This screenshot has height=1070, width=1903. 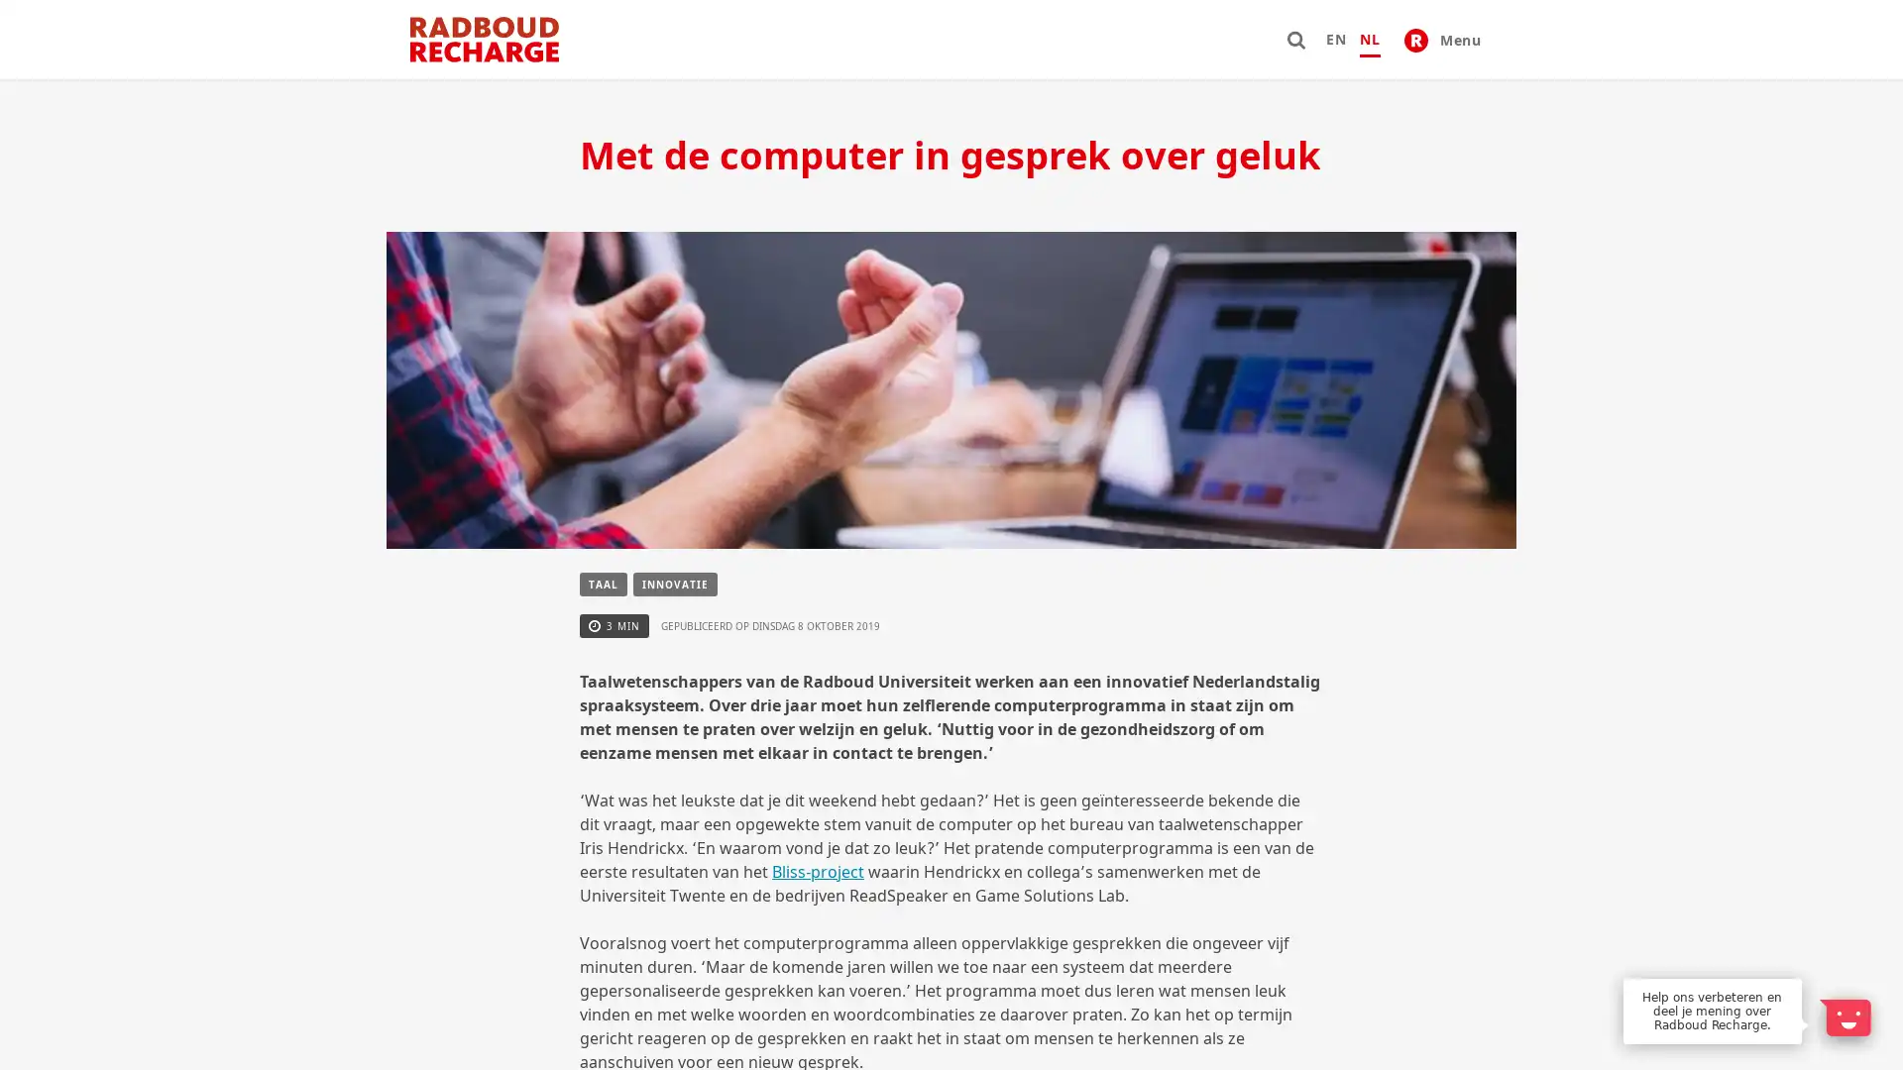 What do you see at coordinates (1844, 1016) in the screenshot?
I see `Open` at bounding box center [1844, 1016].